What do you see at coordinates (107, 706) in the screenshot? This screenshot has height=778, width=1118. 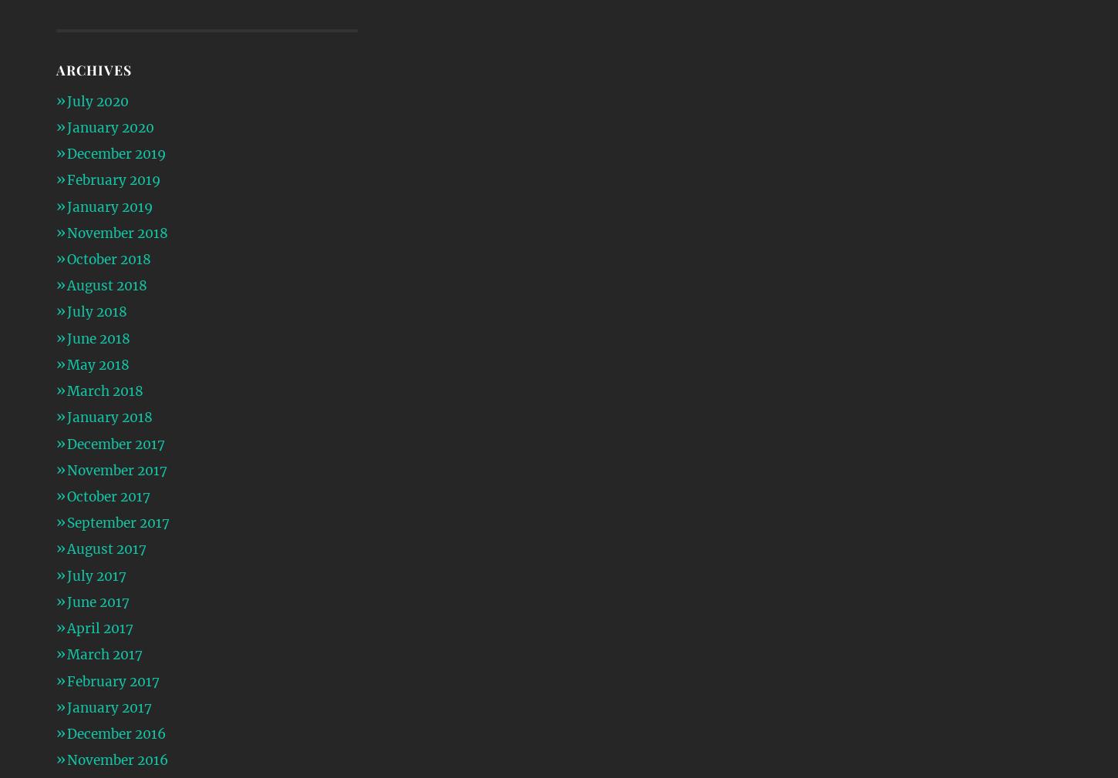 I see `'January 2017'` at bounding box center [107, 706].